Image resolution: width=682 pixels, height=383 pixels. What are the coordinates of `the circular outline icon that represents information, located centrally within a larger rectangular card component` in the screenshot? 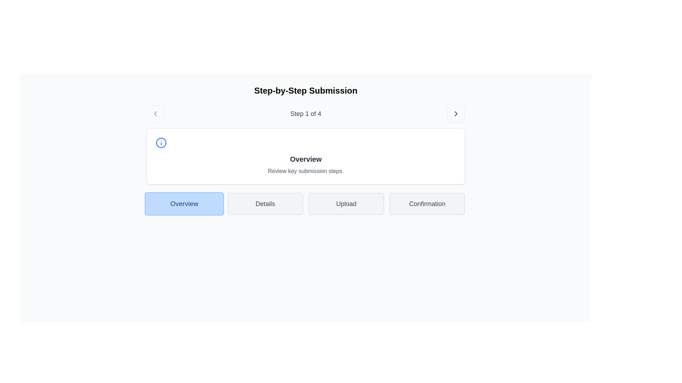 It's located at (161, 143).